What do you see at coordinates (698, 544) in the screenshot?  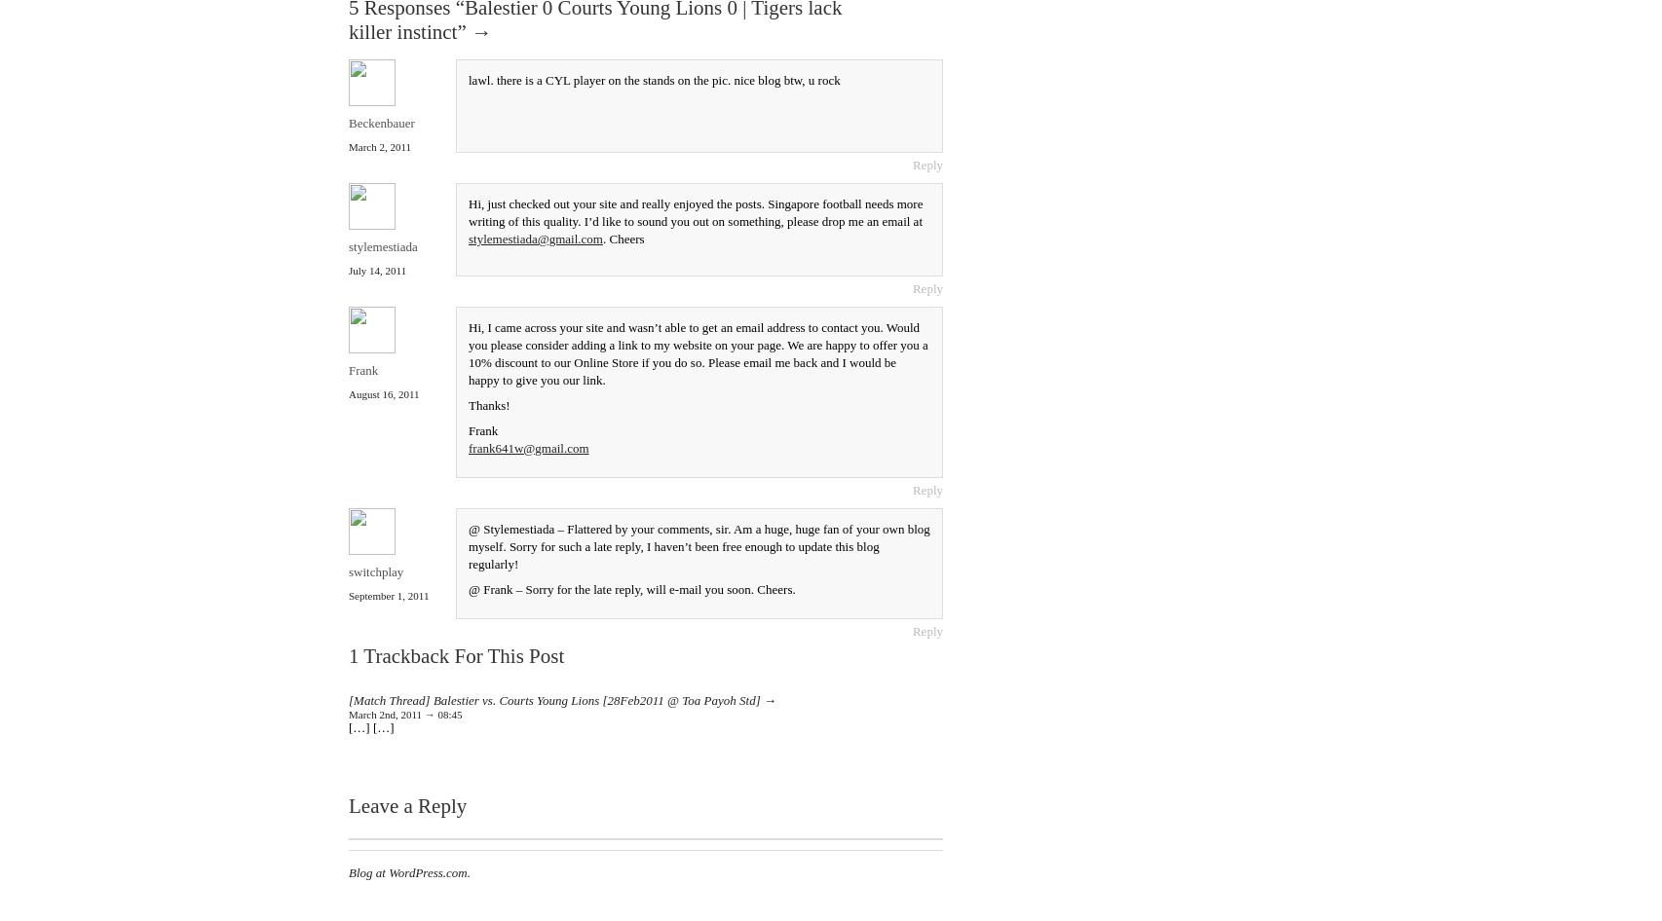 I see `'@ Stylemestiada – Flattered by your comments, sir. Am a huge, huge fan of your own blog myself. Sorry for such a late reply, I haven’t been free enough to update this blog regularly!'` at bounding box center [698, 544].